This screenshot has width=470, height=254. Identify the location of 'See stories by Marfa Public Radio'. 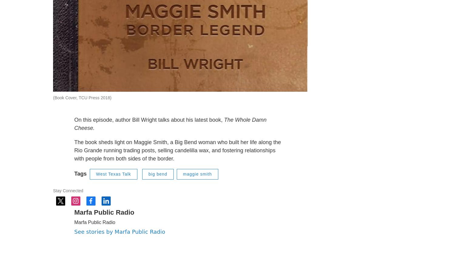
(119, 246).